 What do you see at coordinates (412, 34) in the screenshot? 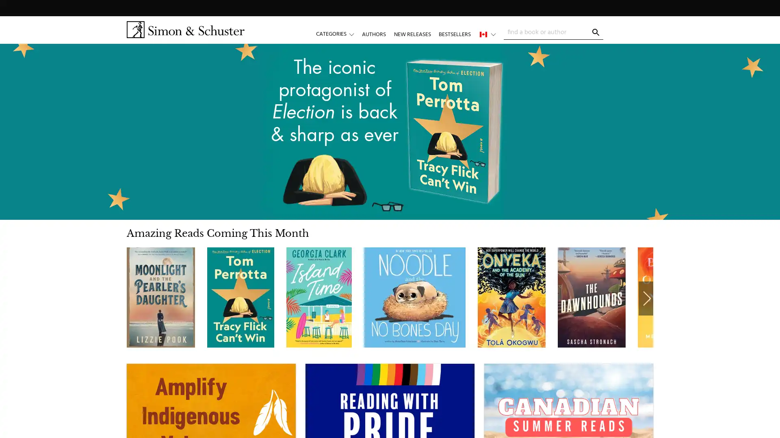
I see `NEW RELEASES` at bounding box center [412, 34].